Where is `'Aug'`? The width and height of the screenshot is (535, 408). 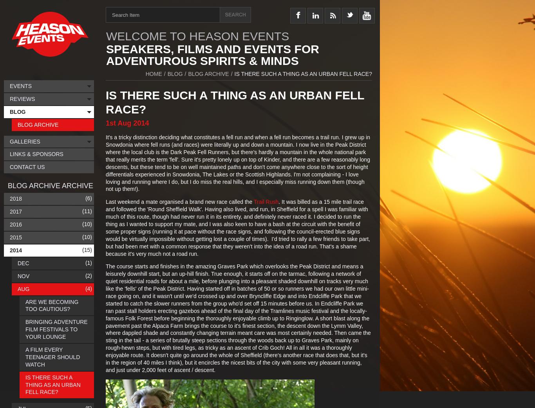 'Aug' is located at coordinates (17, 289).